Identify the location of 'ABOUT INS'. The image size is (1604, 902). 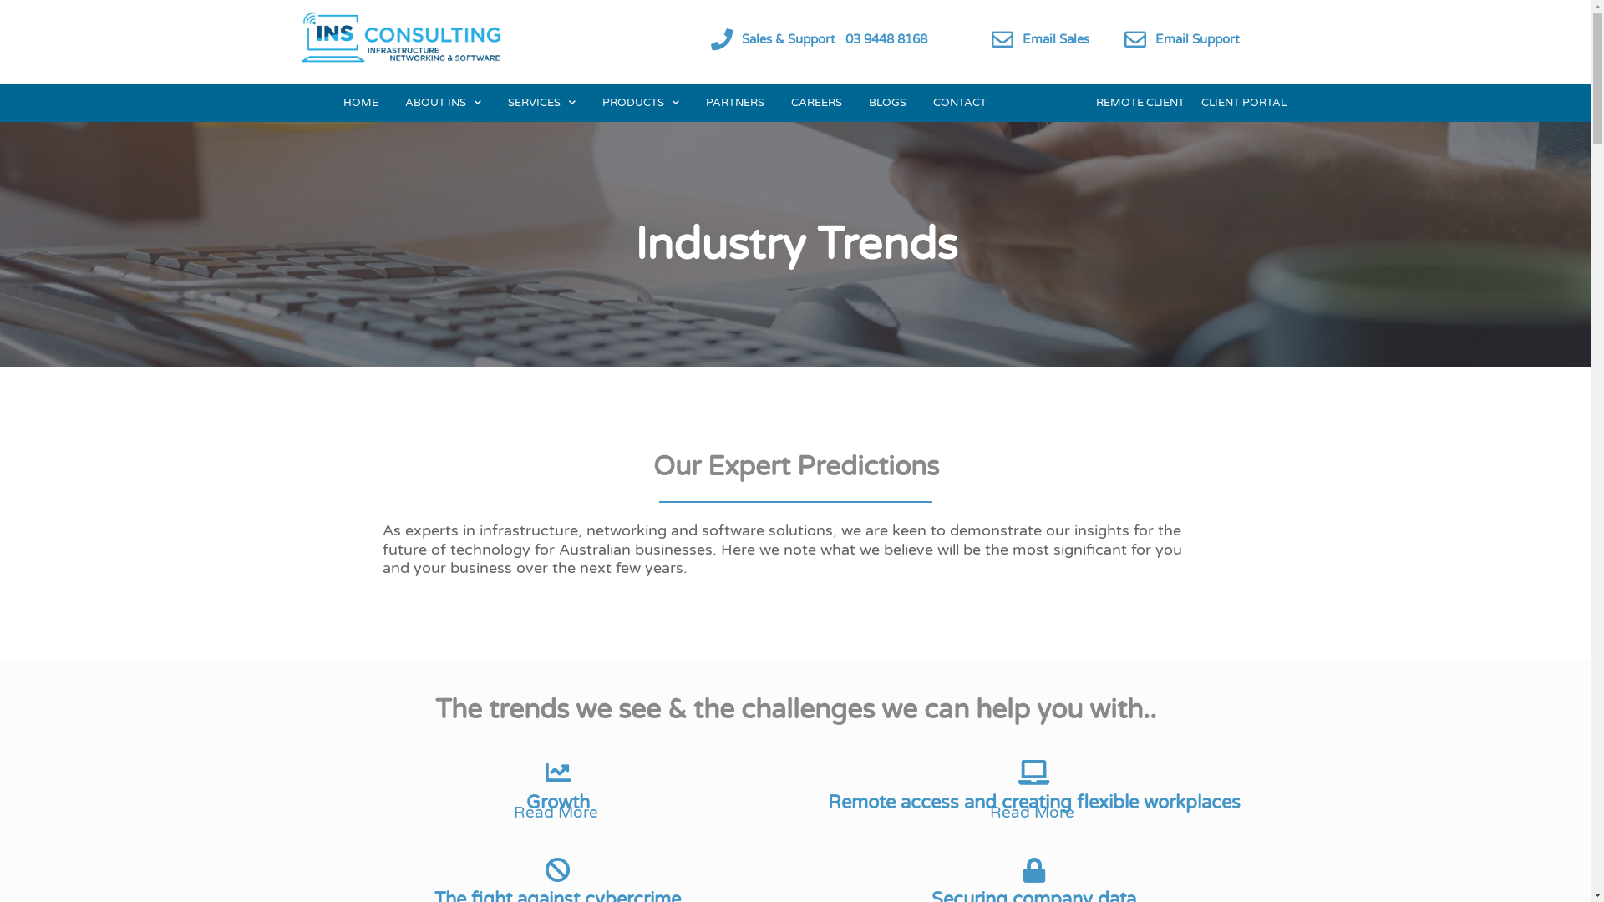
(443, 103).